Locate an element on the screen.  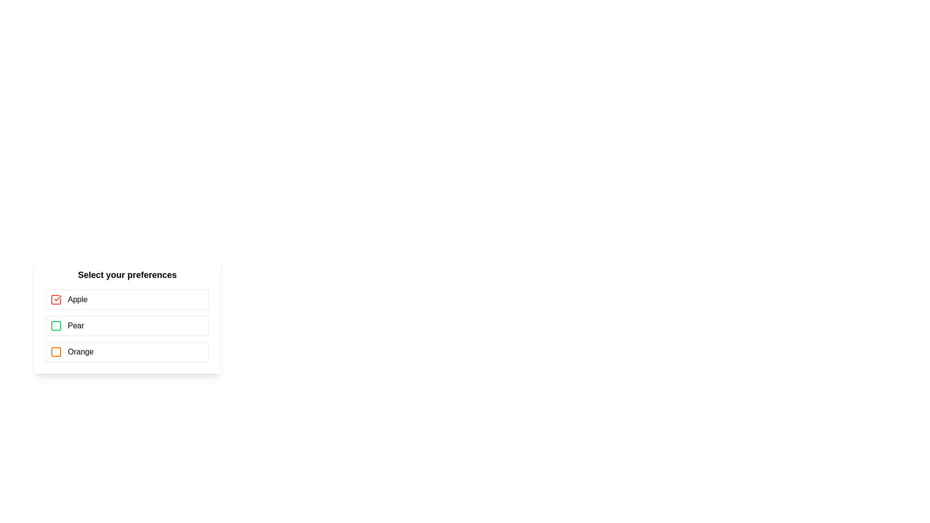
the checkbox icon that represents the selection state of the 'Apple' option is located at coordinates (55, 299).